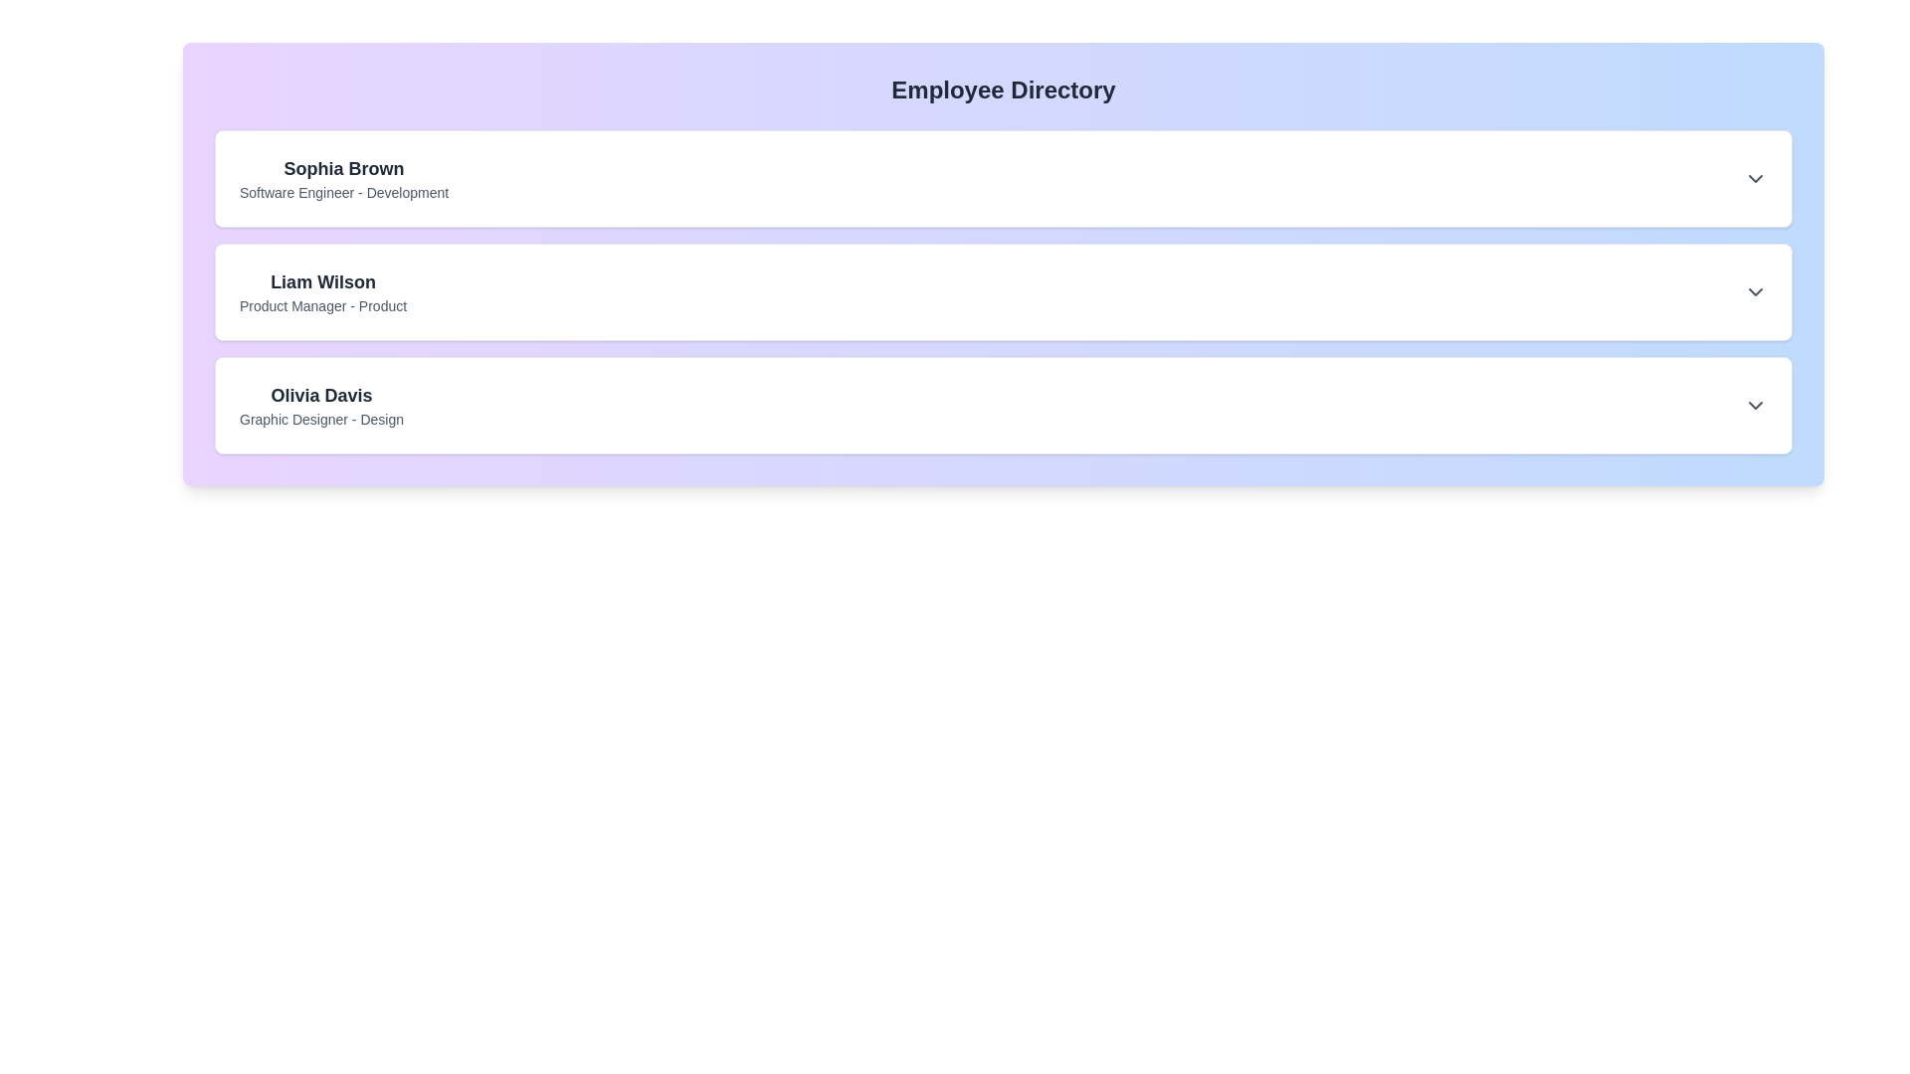 This screenshot has width=1910, height=1074. Describe the element at coordinates (323, 291) in the screenshot. I see `text content of the Text block displaying the name and job title of the person, located in the second card of a vertically stacked list on the page` at that location.